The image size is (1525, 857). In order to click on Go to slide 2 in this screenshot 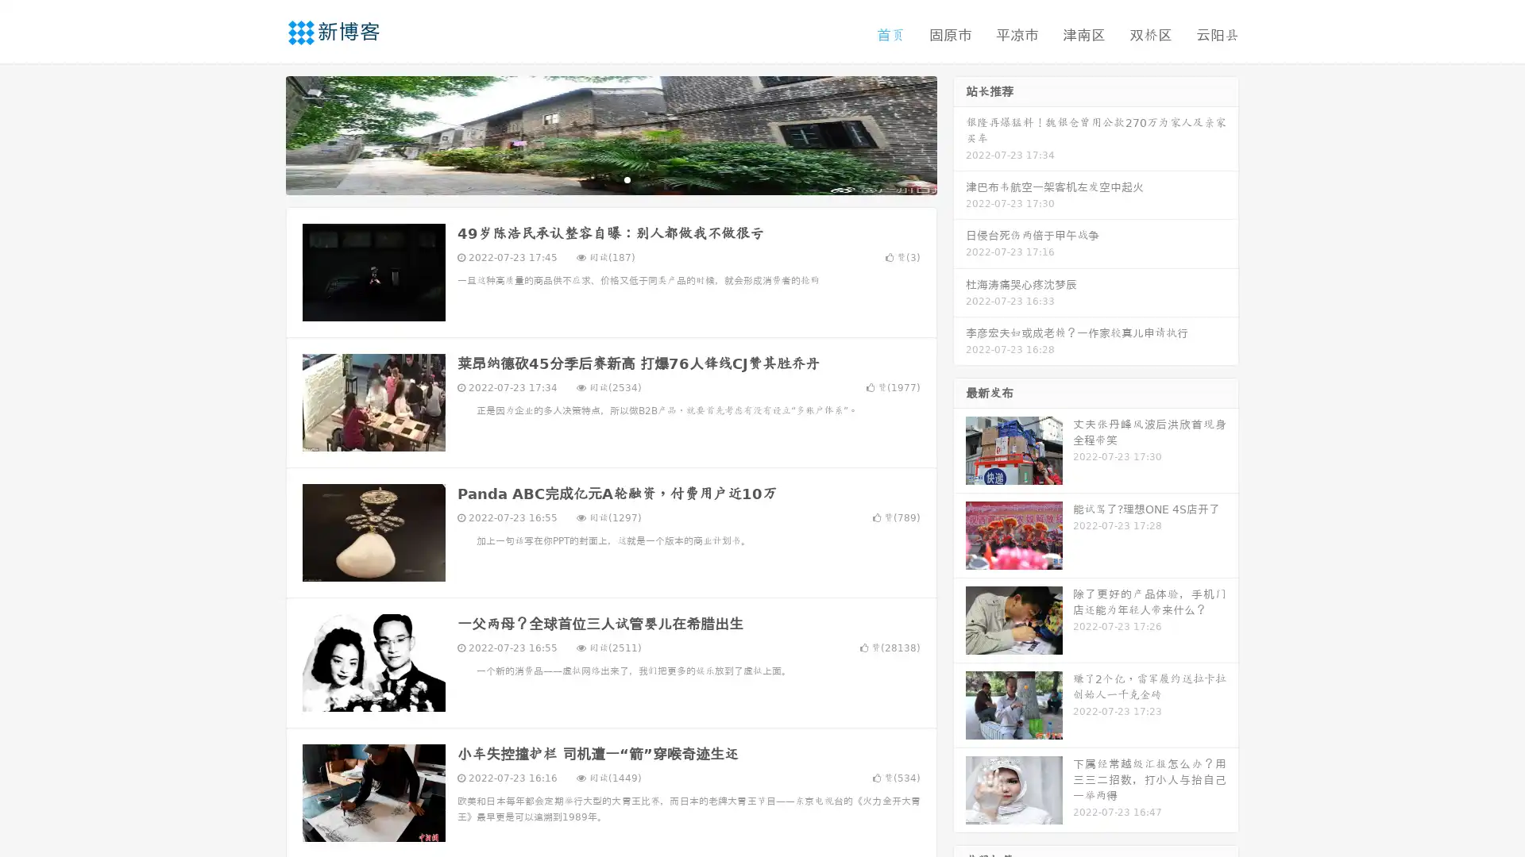, I will do `click(610, 179)`.